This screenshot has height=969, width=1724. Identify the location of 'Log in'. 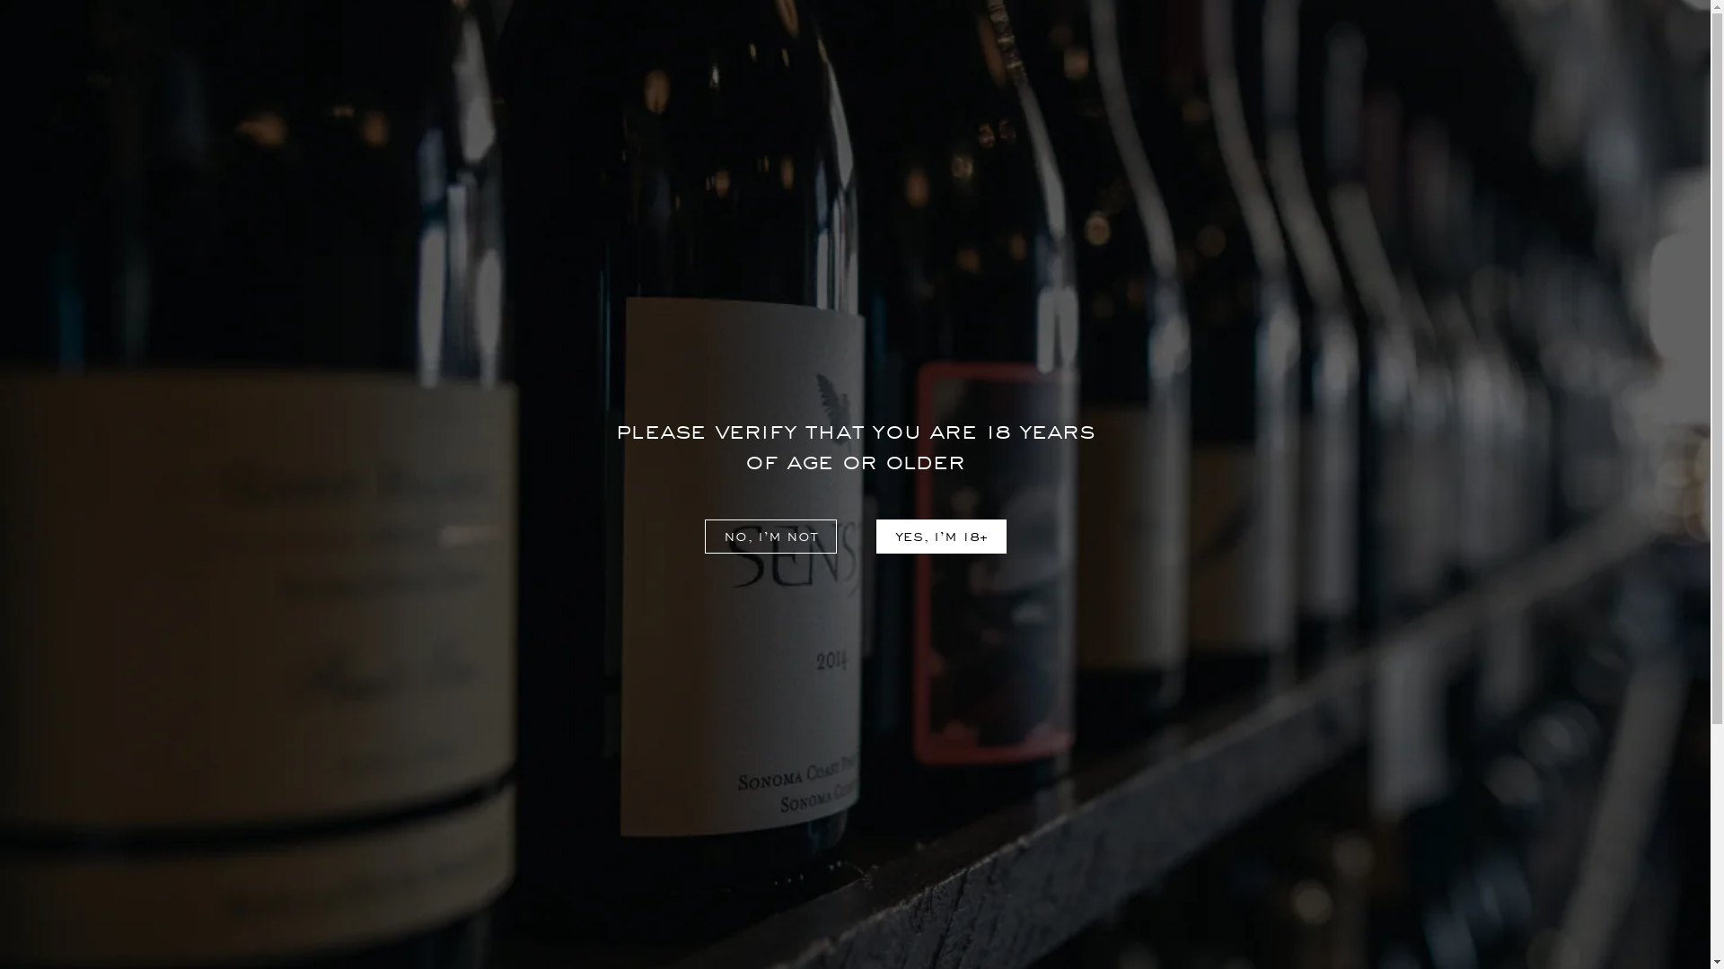
(1503, 57).